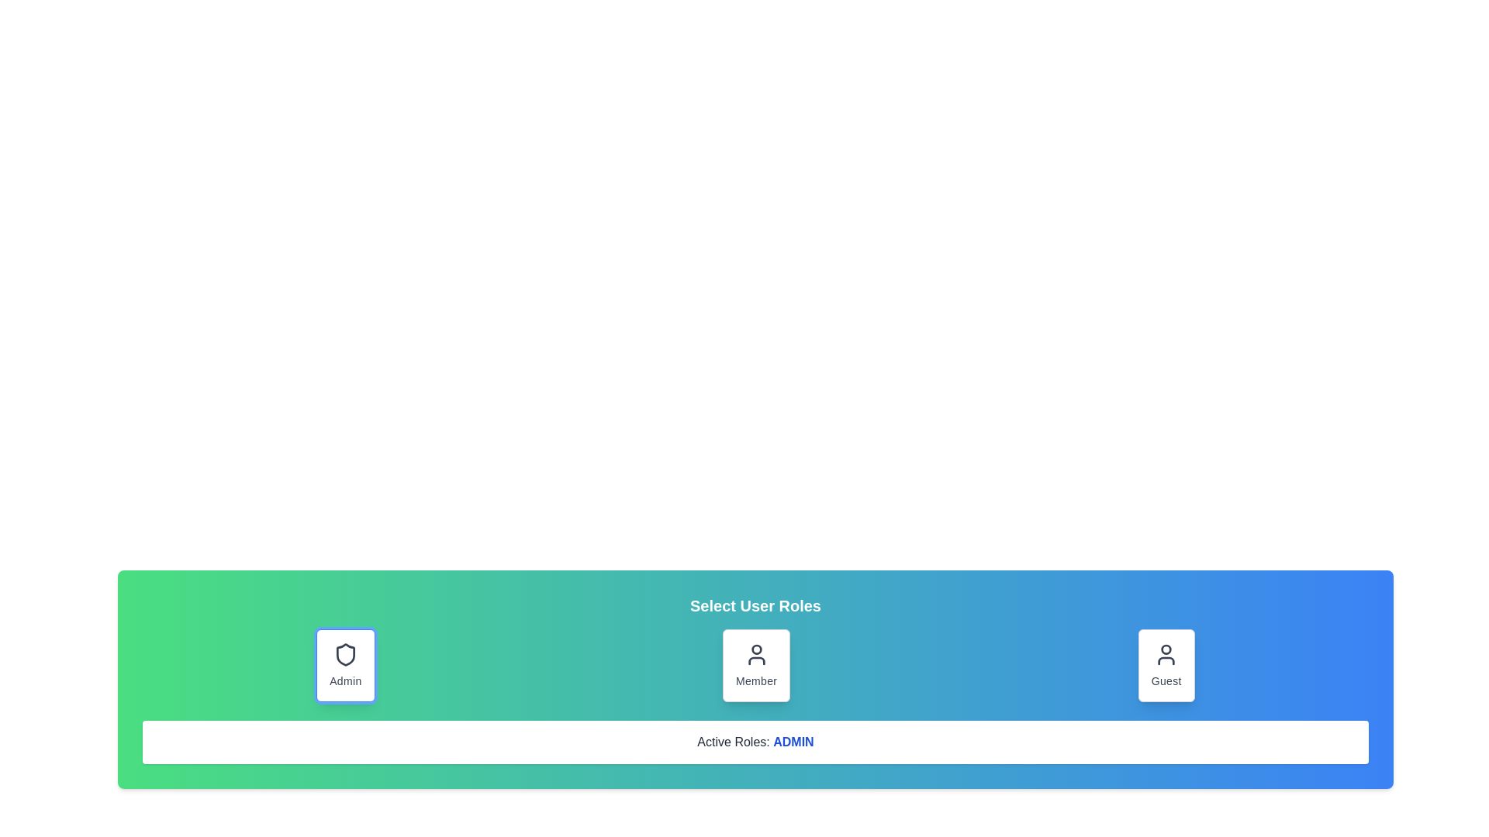 The height and width of the screenshot is (837, 1489). I want to click on the role button Admin to inspect its hover and focus effects, so click(344, 665).